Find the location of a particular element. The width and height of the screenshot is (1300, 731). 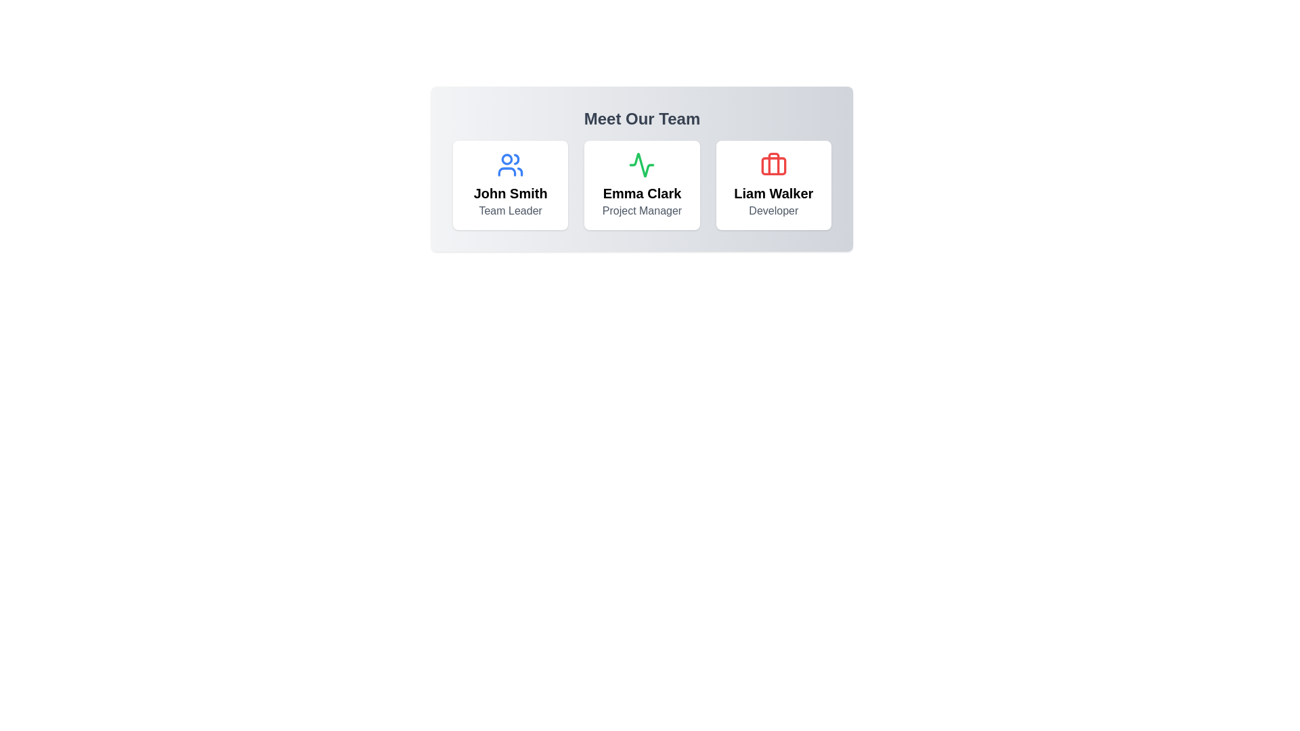

the green-colored line graph icon located at the top-middle section of Emma Clark's profile card, which is aligned vertically with her name and occupation details is located at coordinates (641, 164).